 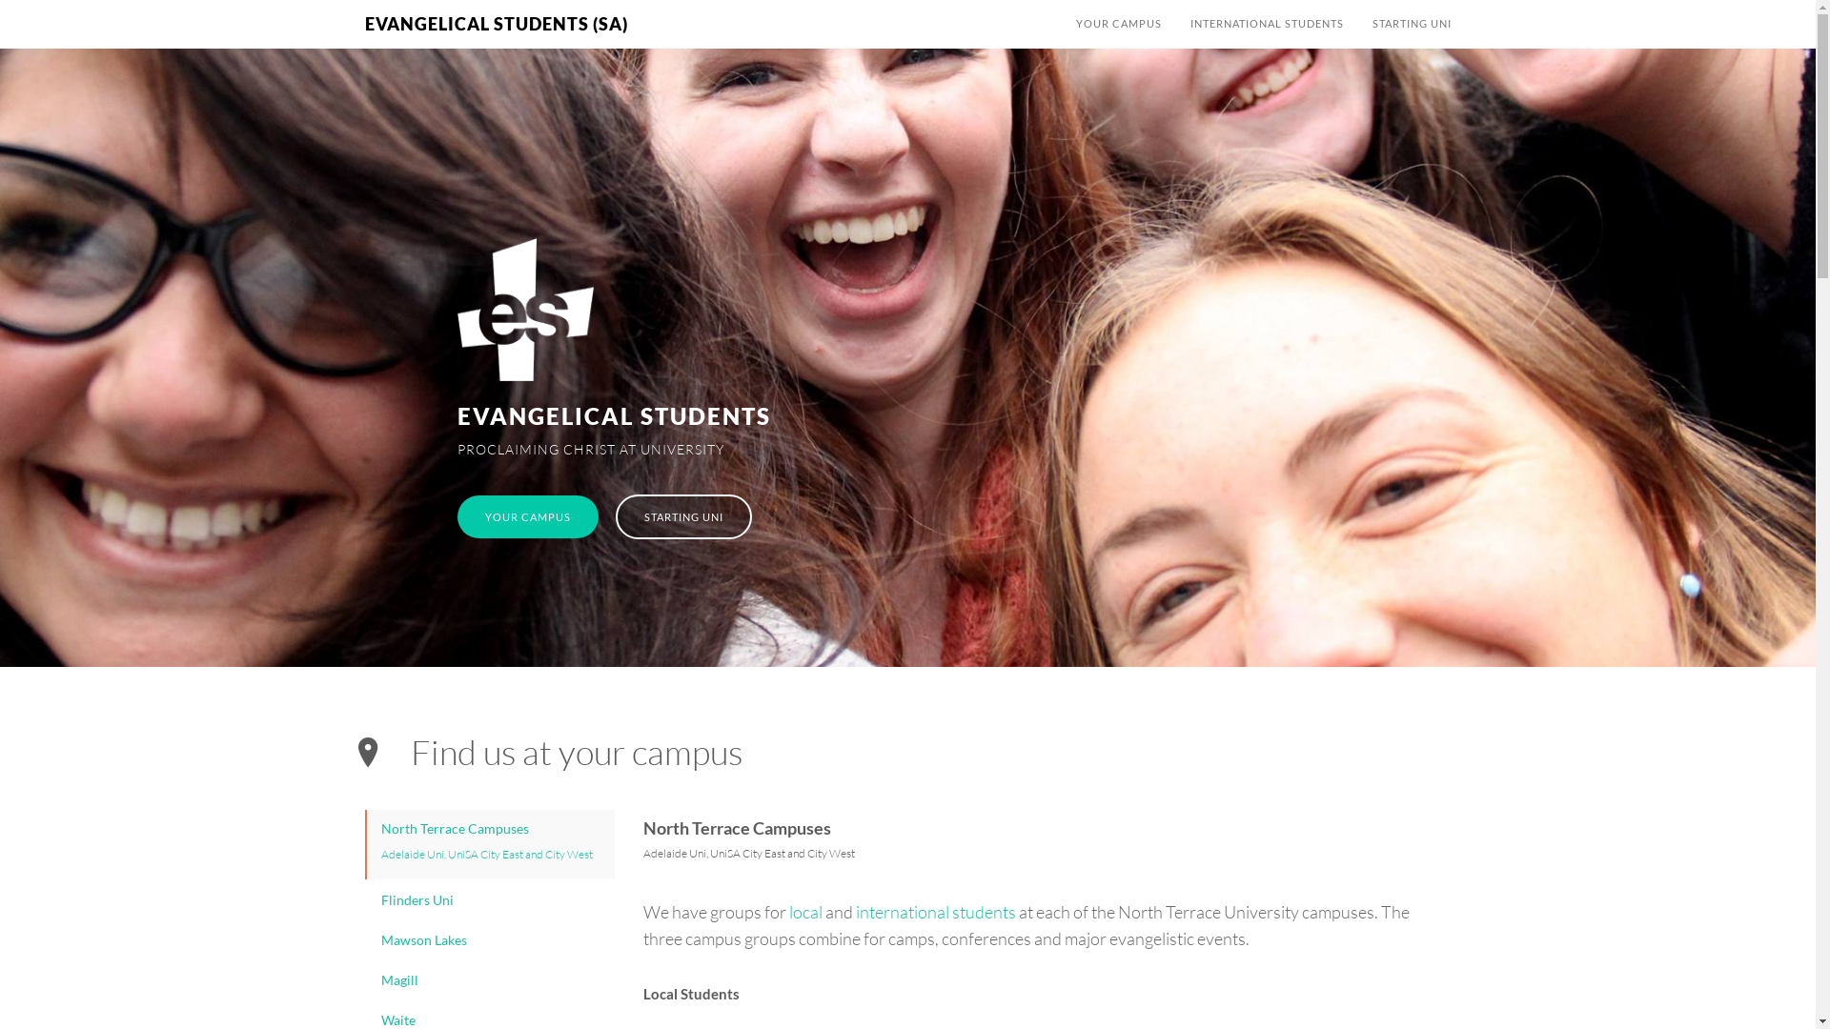 What do you see at coordinates (1119, 23) in the screenshot?
I see `'YOUR CAMPUS'` at bounding box center [1119, 23].